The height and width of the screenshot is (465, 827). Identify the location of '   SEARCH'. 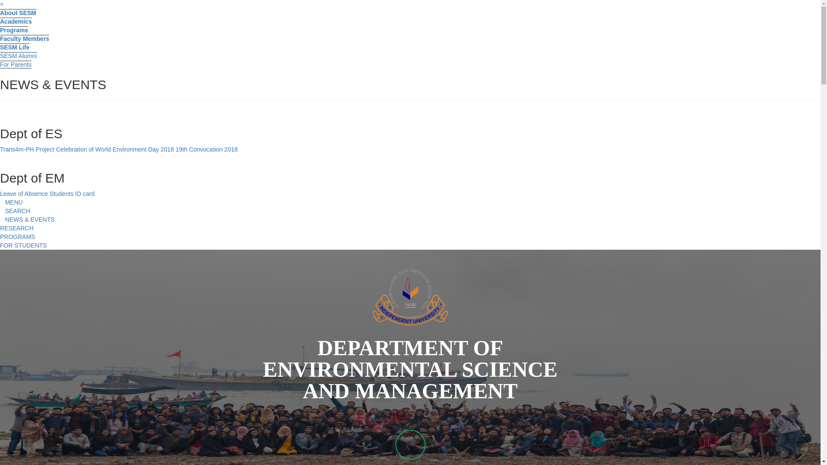
(15, 211).